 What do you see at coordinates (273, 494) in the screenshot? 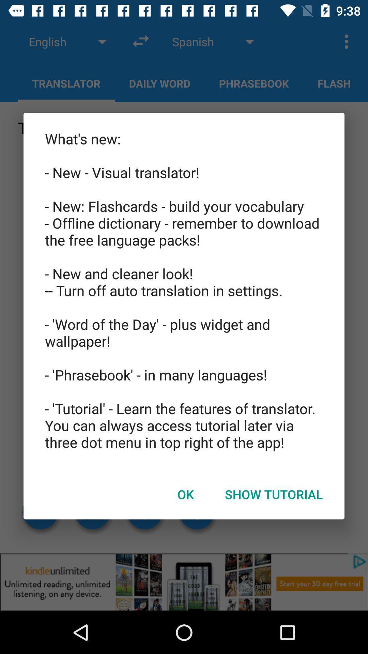
I see `the icon at the bottom right corner` at bounding box center [273, 494].